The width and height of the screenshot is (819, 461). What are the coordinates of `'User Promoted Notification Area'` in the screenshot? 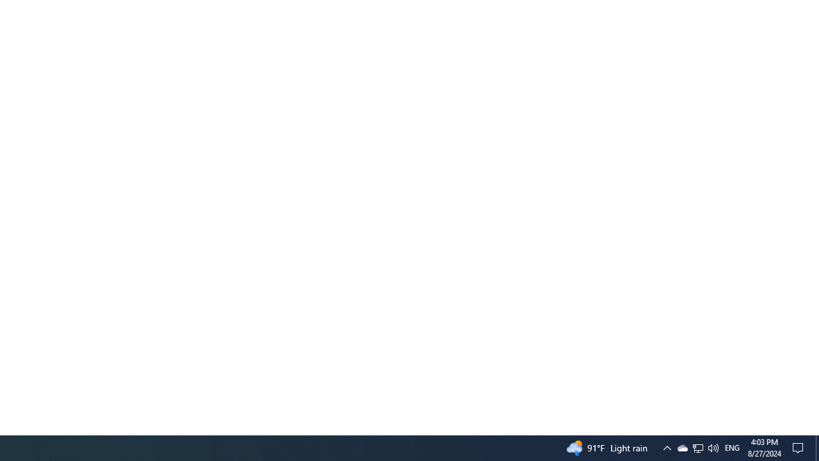 It's located at (697, 447).